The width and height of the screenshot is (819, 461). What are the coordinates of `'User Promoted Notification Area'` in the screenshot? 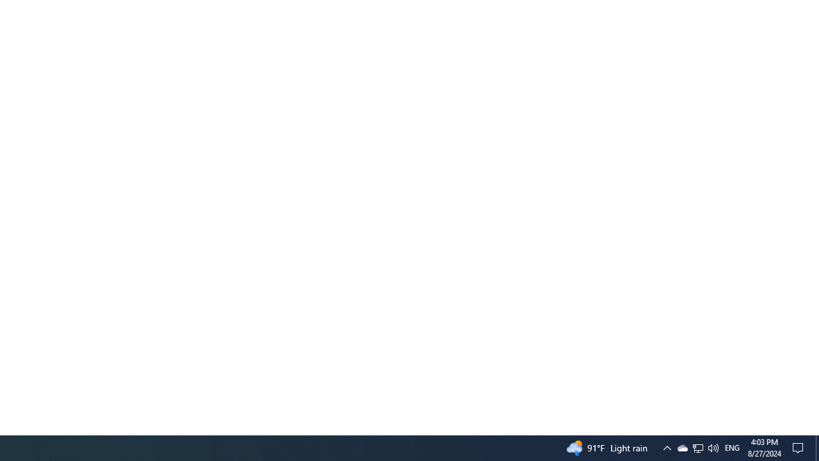 It's located at (697, 447).